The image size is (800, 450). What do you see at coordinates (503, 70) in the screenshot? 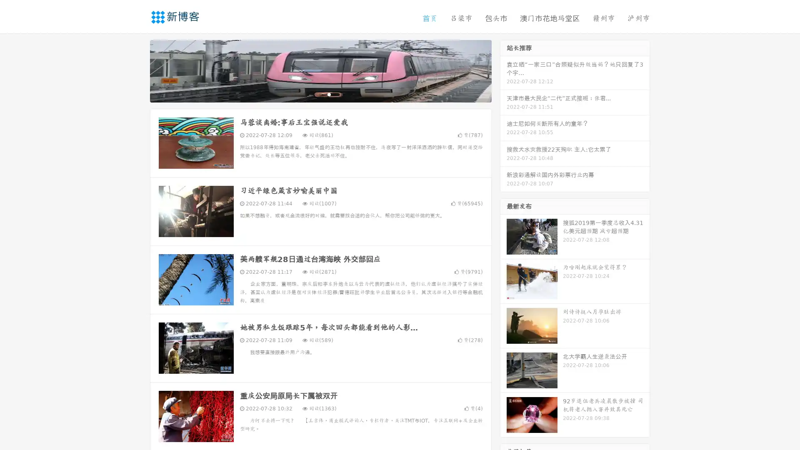
I see `Next slide` at bounding box center [503, 70].